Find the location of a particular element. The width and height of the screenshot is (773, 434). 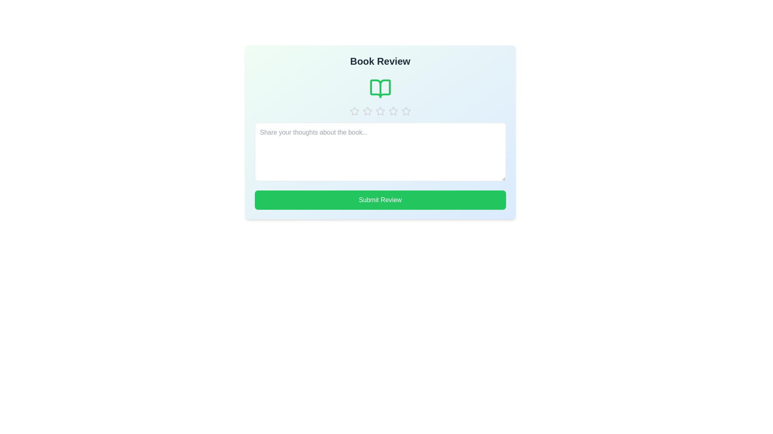

'Submit Review' button to submit the review is located at coordinates (380, 199).